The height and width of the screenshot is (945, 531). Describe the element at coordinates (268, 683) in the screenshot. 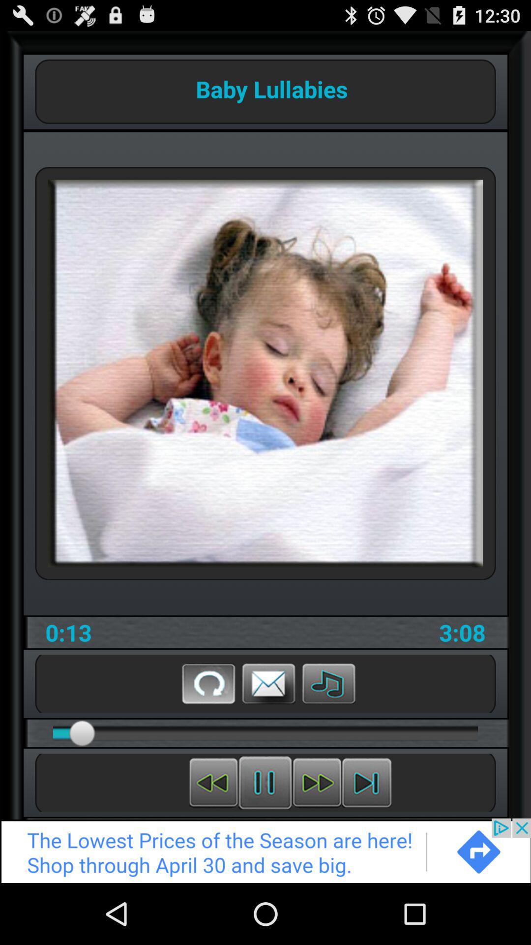

I see `share through email` at that location.